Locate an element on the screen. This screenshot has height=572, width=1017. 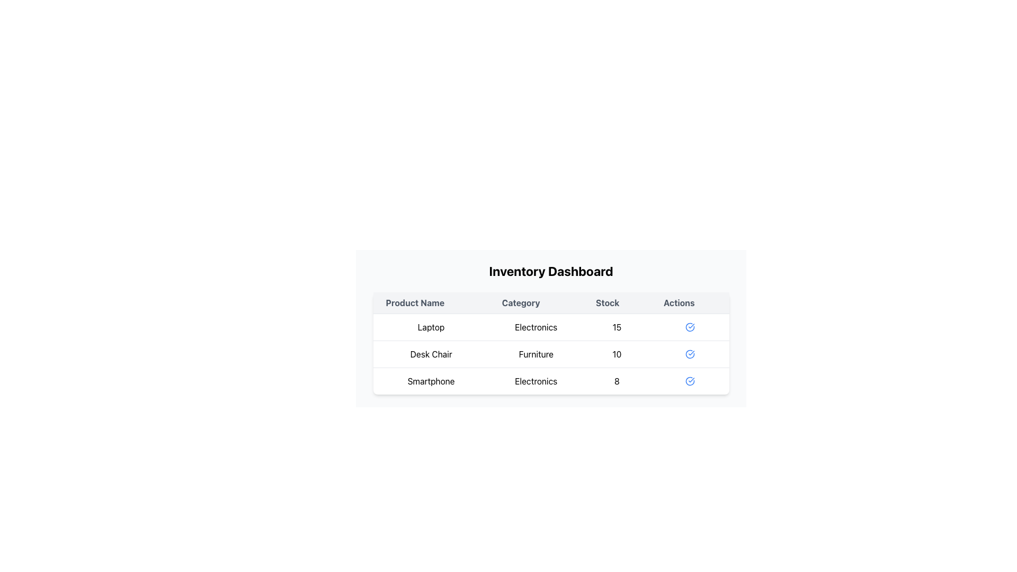
the static text label reading 'Category' located in the header row of a table, centrally aligned between 'Product Name' and 'Stock' is located at coordinates (536, 303).